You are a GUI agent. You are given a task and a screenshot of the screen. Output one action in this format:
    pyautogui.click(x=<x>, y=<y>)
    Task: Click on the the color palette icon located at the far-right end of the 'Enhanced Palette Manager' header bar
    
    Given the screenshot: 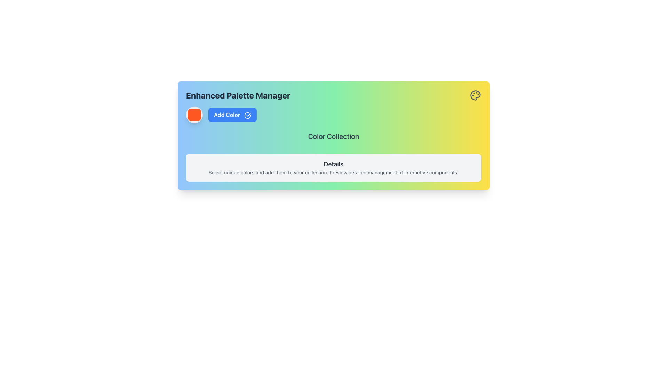 What is the action you would take?
    pyautogui.click(x=475, y=95)
    